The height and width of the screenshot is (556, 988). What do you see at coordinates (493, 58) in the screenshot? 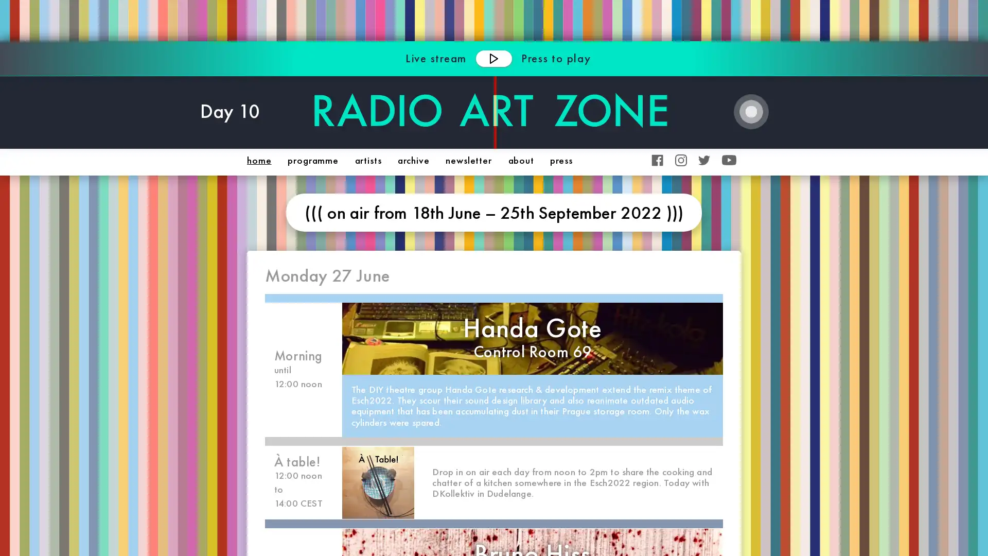
I see `play/pause` at bounding box center [493, 58].